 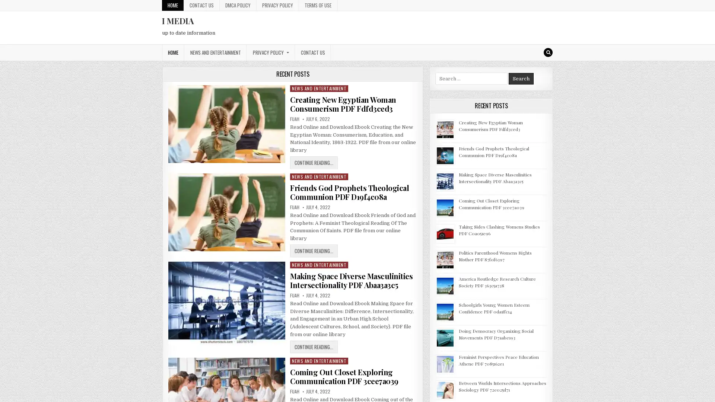 What do you see at coordinates (521, 79) in the screenshot?
I see `Search` at bounding box center [521, 79].